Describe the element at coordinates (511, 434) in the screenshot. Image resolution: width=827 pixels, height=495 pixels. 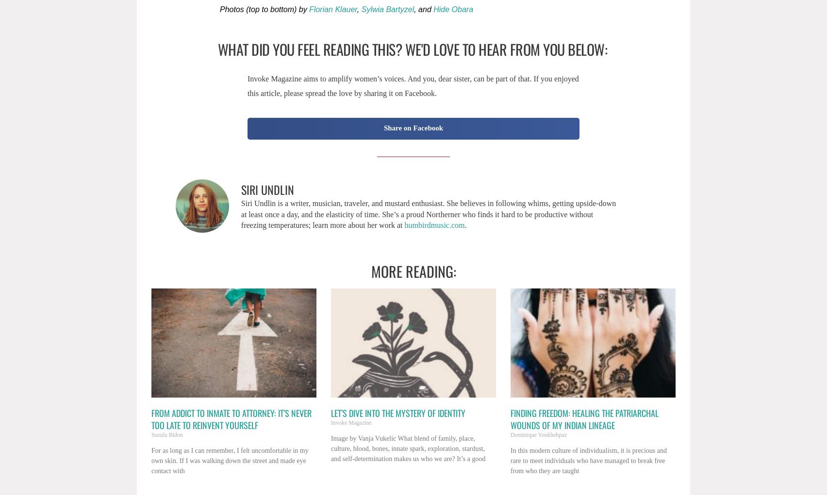
I see `'Dominique Youkhehpaz'` at that location.